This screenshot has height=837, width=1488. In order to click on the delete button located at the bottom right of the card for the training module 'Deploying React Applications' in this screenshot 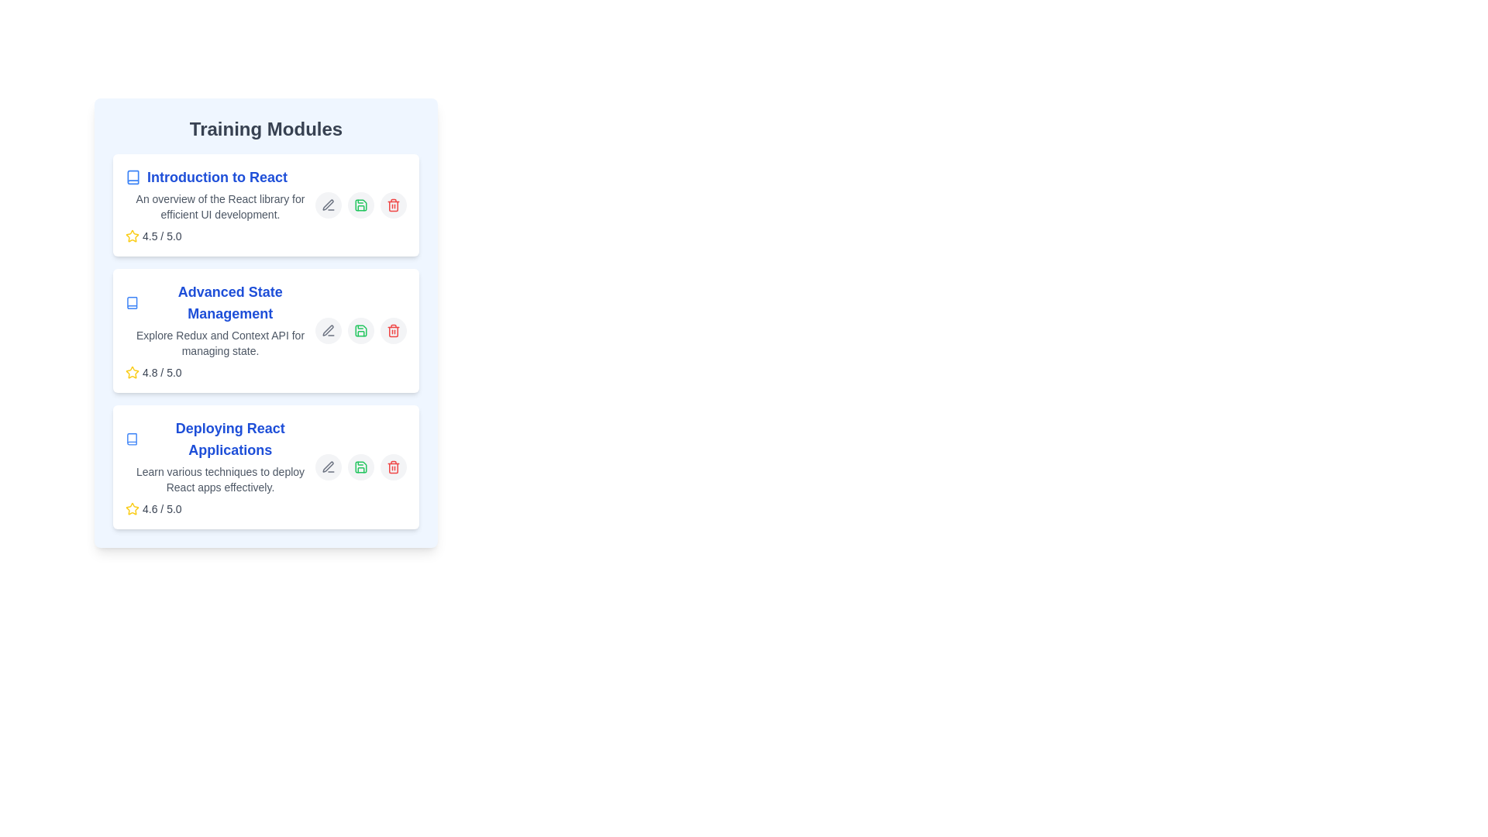, I will do `click(394, 466)`.